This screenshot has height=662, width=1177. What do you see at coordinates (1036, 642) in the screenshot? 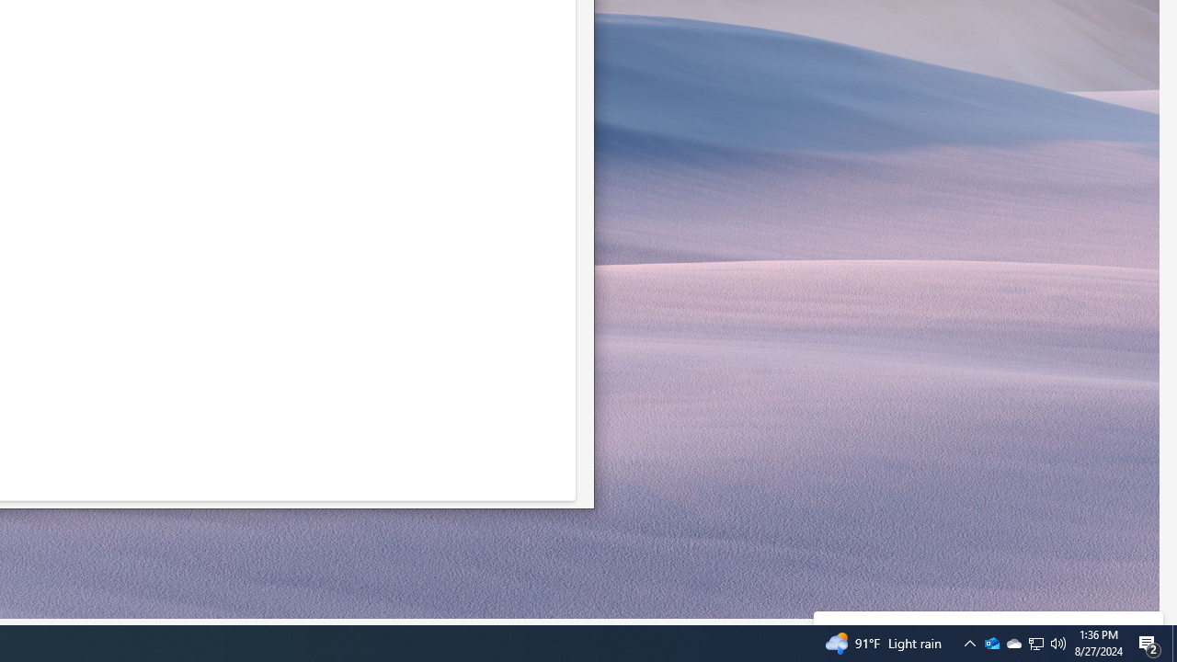
I see `'System Promoted Notification Area'` at bounding box center [1036, 642].